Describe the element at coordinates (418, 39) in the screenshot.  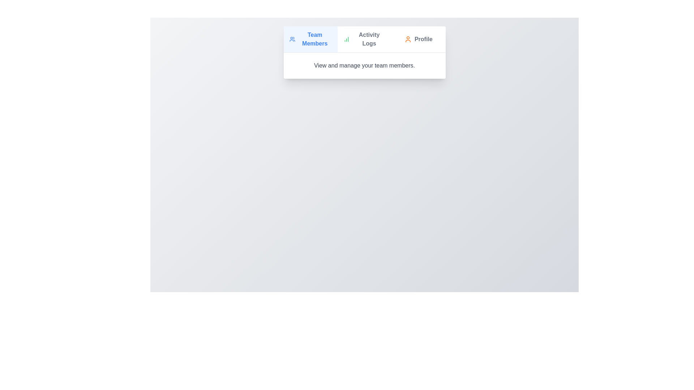
I see `the tab labeled Profile` at that location.